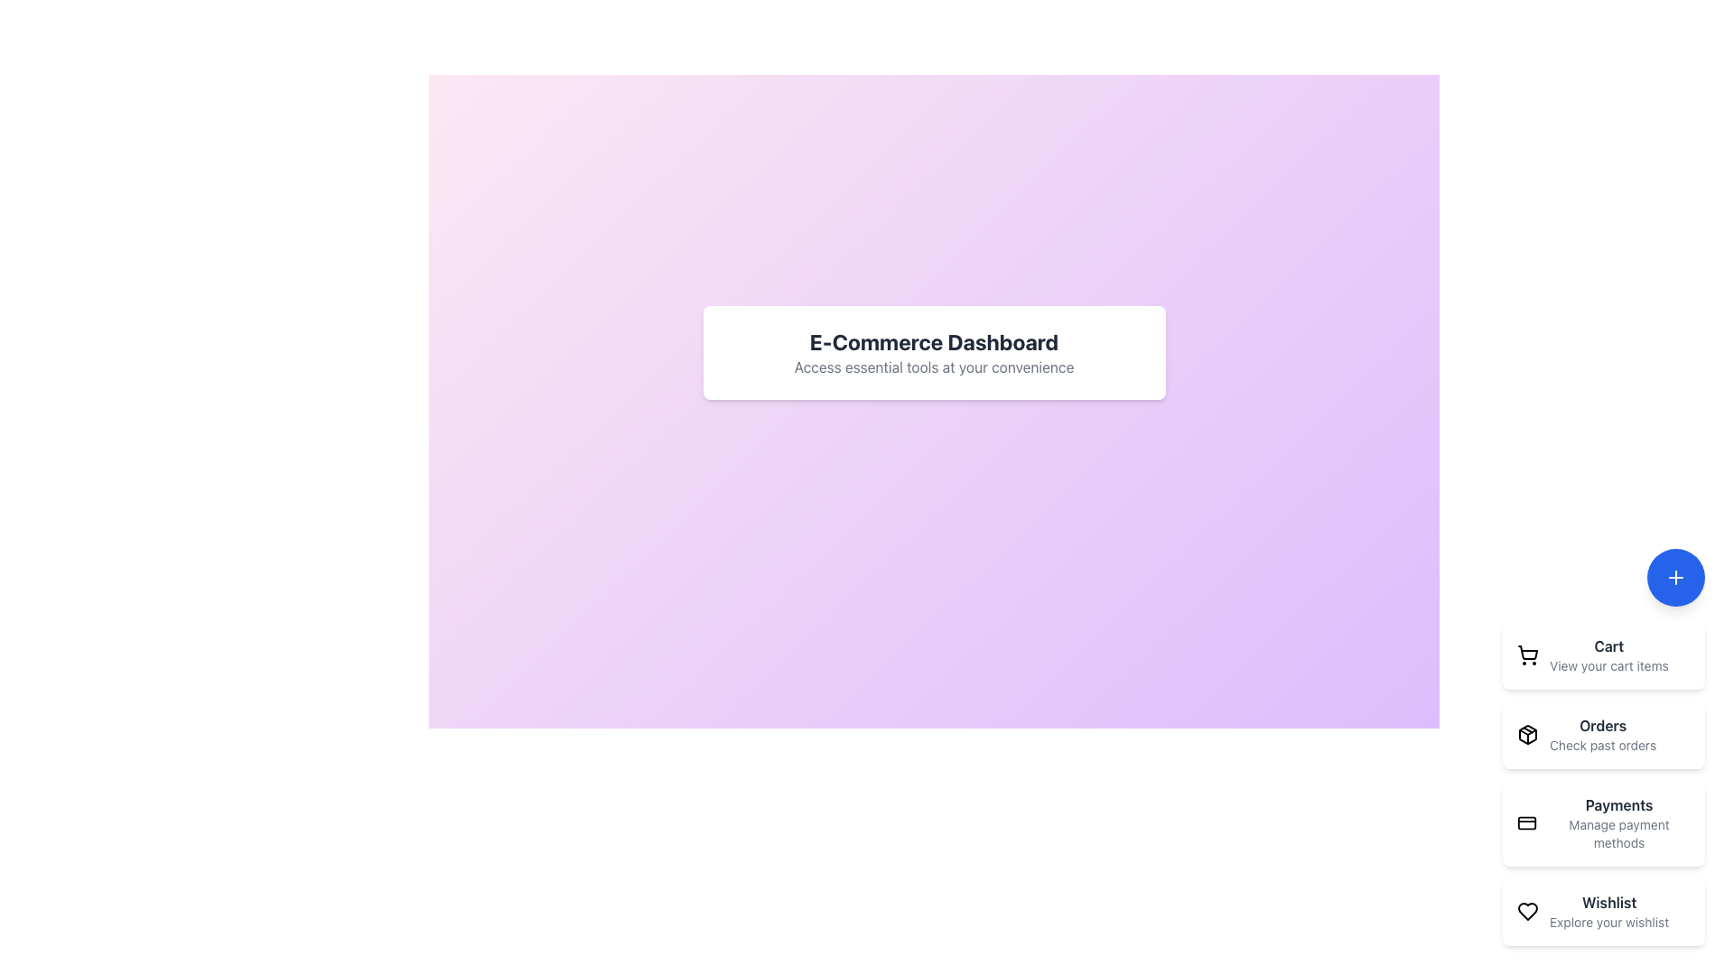 The width and height of the screenshot is (1734, 975). I want to click on the 'Orders' entry in the navigation panel, which is represented by a red icon next to the 'Orders' text, so click(1526, 734).